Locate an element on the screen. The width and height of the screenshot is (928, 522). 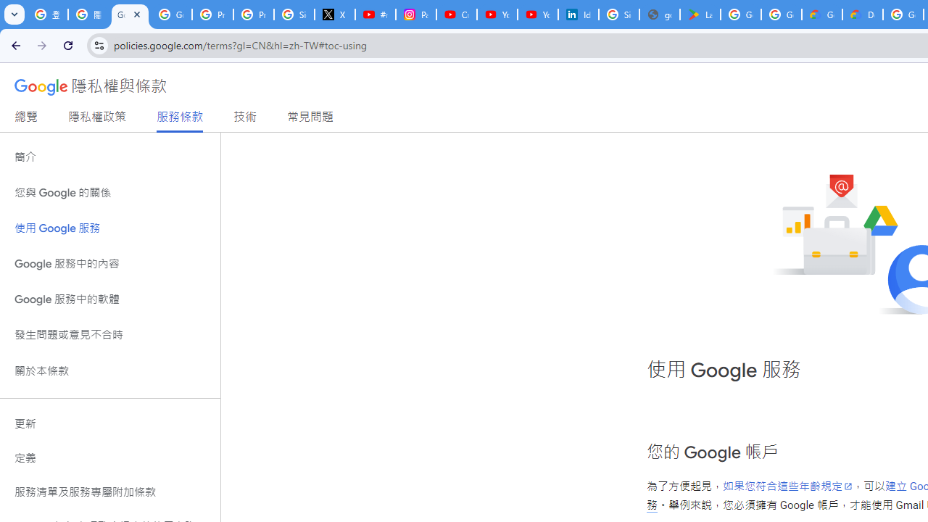
'YouTube Culture & Trends - YouTube Top 10, 2021' is located at coordinates (537, 14).